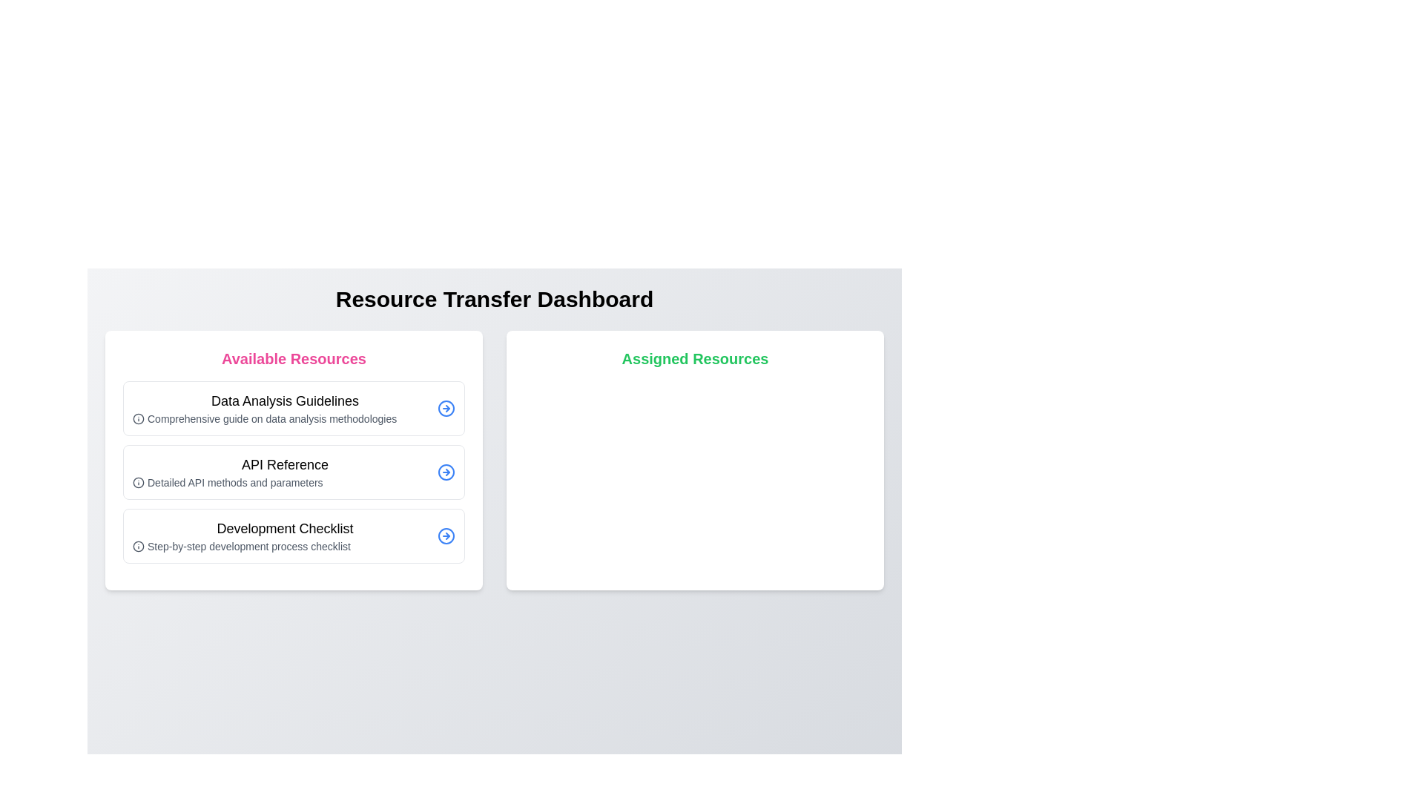 This screenshot has height=801, width=1424. Describe the element at coordinates (139, 546) in the screenshot. I see `the informational icon located at the leftmost part of the horizontal layout next to the text 'Step-by-step development process checklist'` at that location.